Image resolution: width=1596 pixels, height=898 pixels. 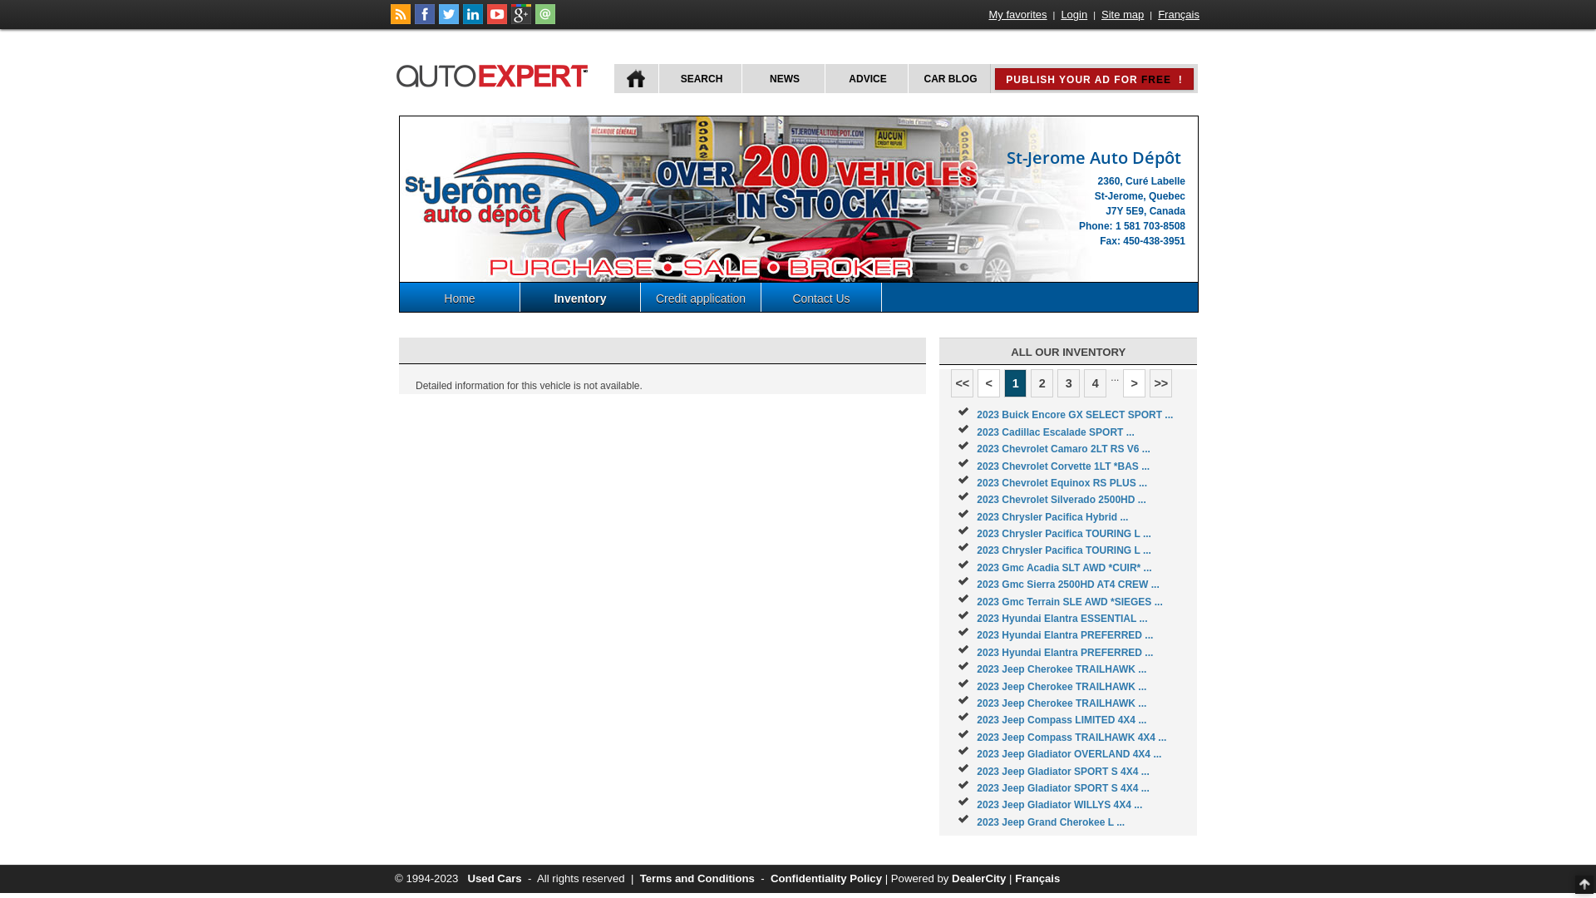 I want to click on '2023 Jeep Gladiator WILLYS 4X4 ...', so click(x=1058, y=804).